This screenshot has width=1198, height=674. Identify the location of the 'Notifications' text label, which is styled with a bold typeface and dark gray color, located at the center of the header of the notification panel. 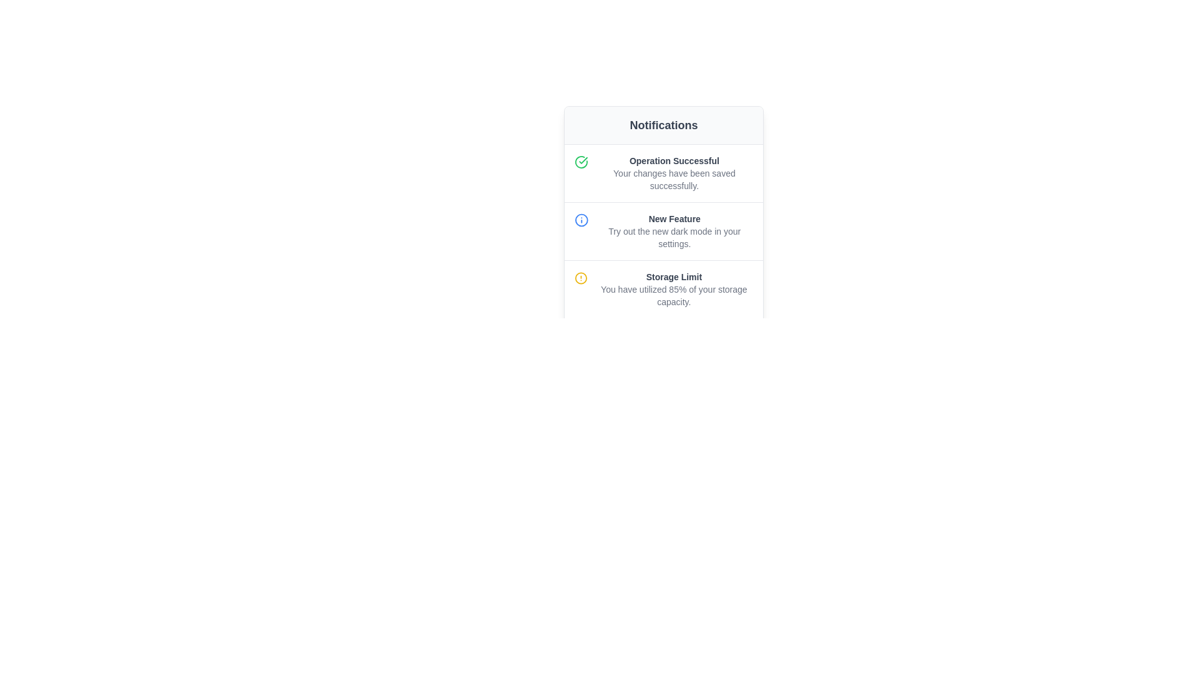
(663, 125).